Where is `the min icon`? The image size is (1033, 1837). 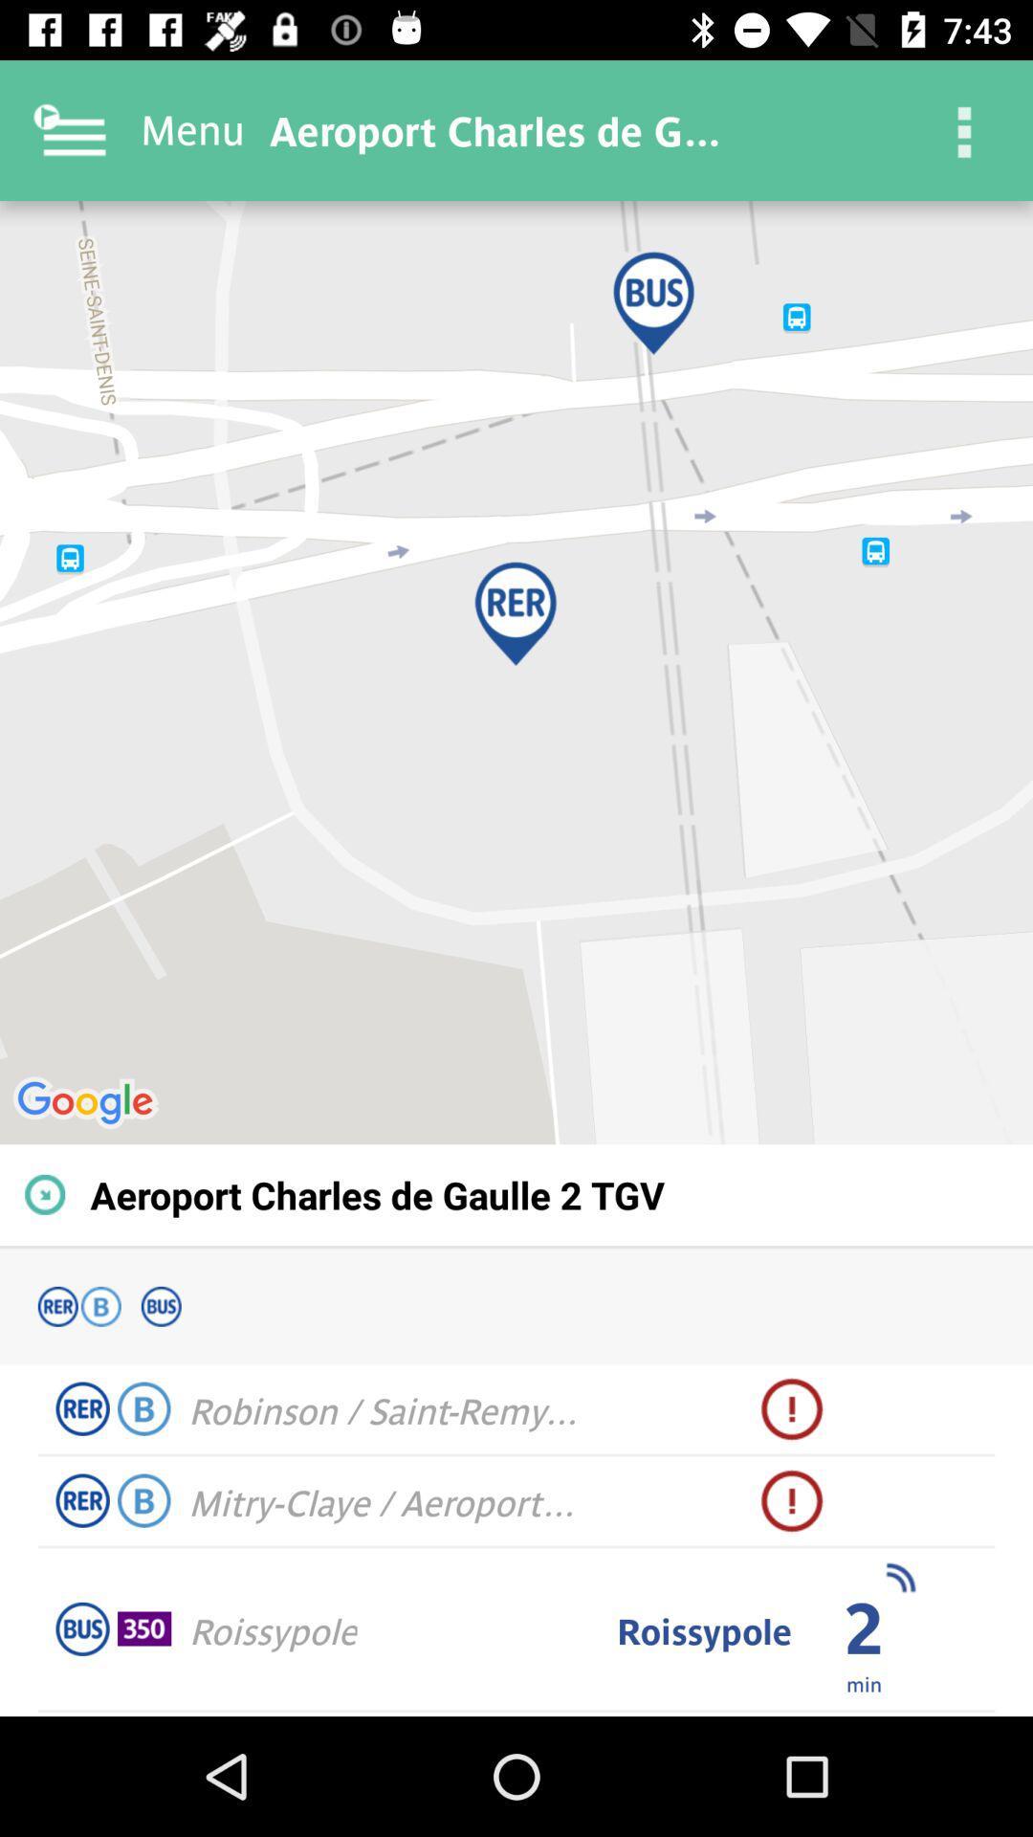
the min icon is located at coordinates (864, 1682).